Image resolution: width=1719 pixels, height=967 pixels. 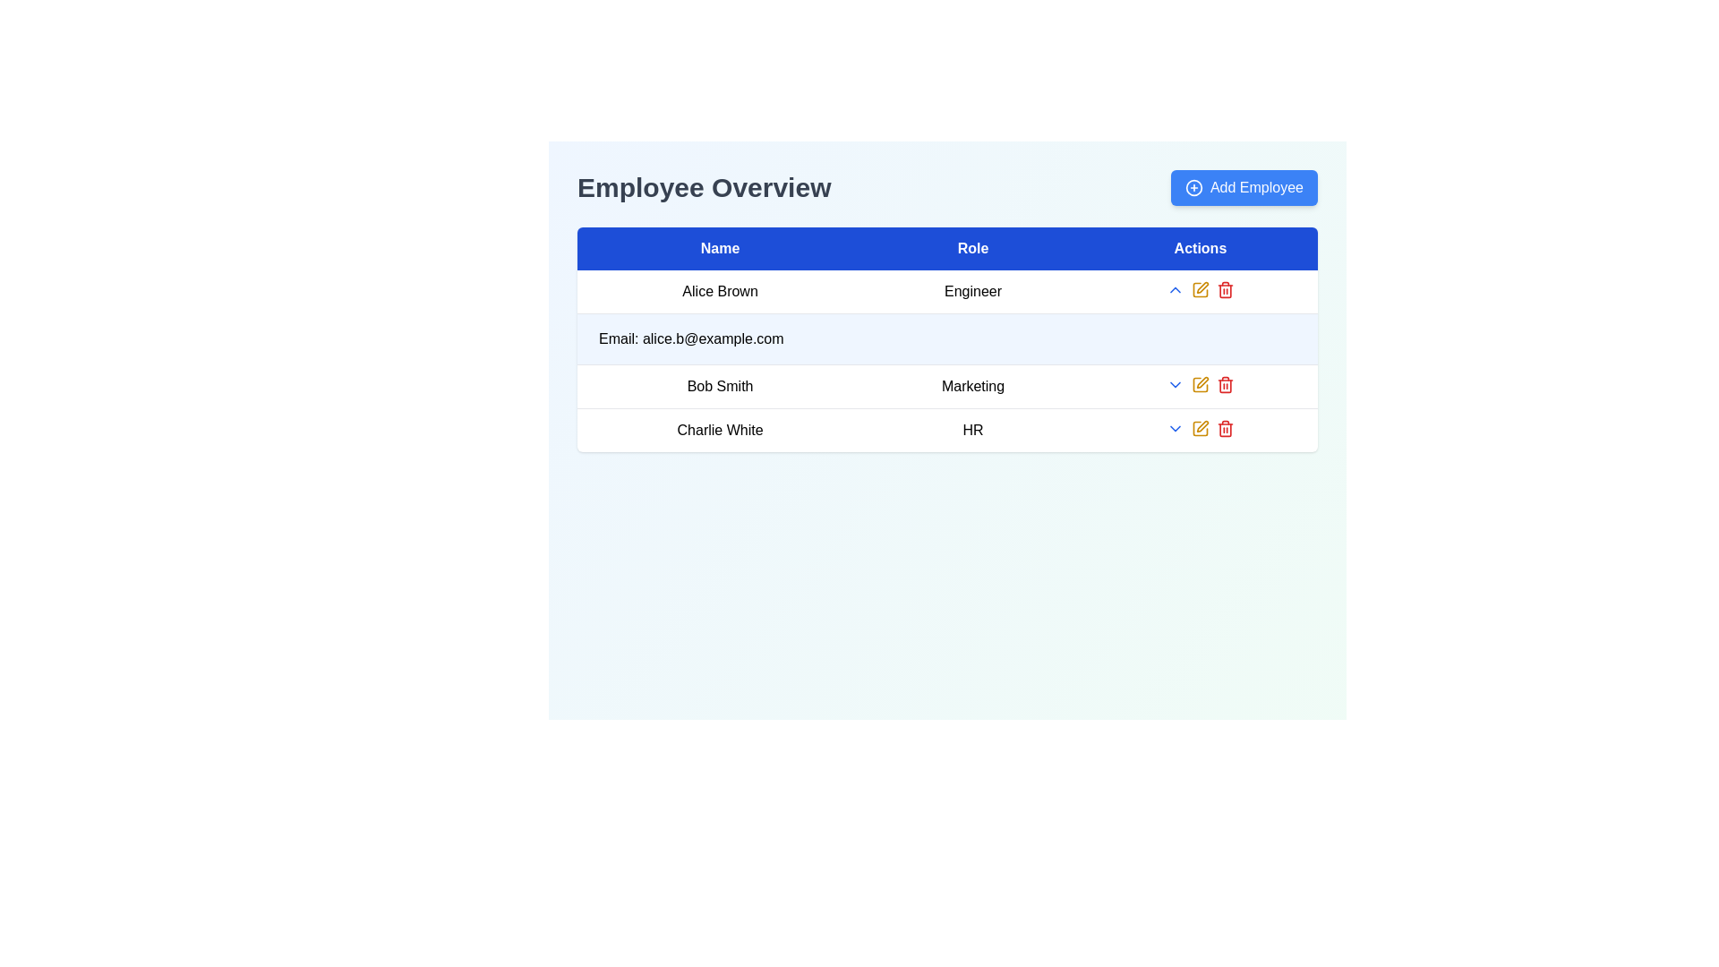 I want to click on the text display element that shows the role of the employee 'Alice Brown', located in the table row under the 'Role' column, so click(x=972, y=291).